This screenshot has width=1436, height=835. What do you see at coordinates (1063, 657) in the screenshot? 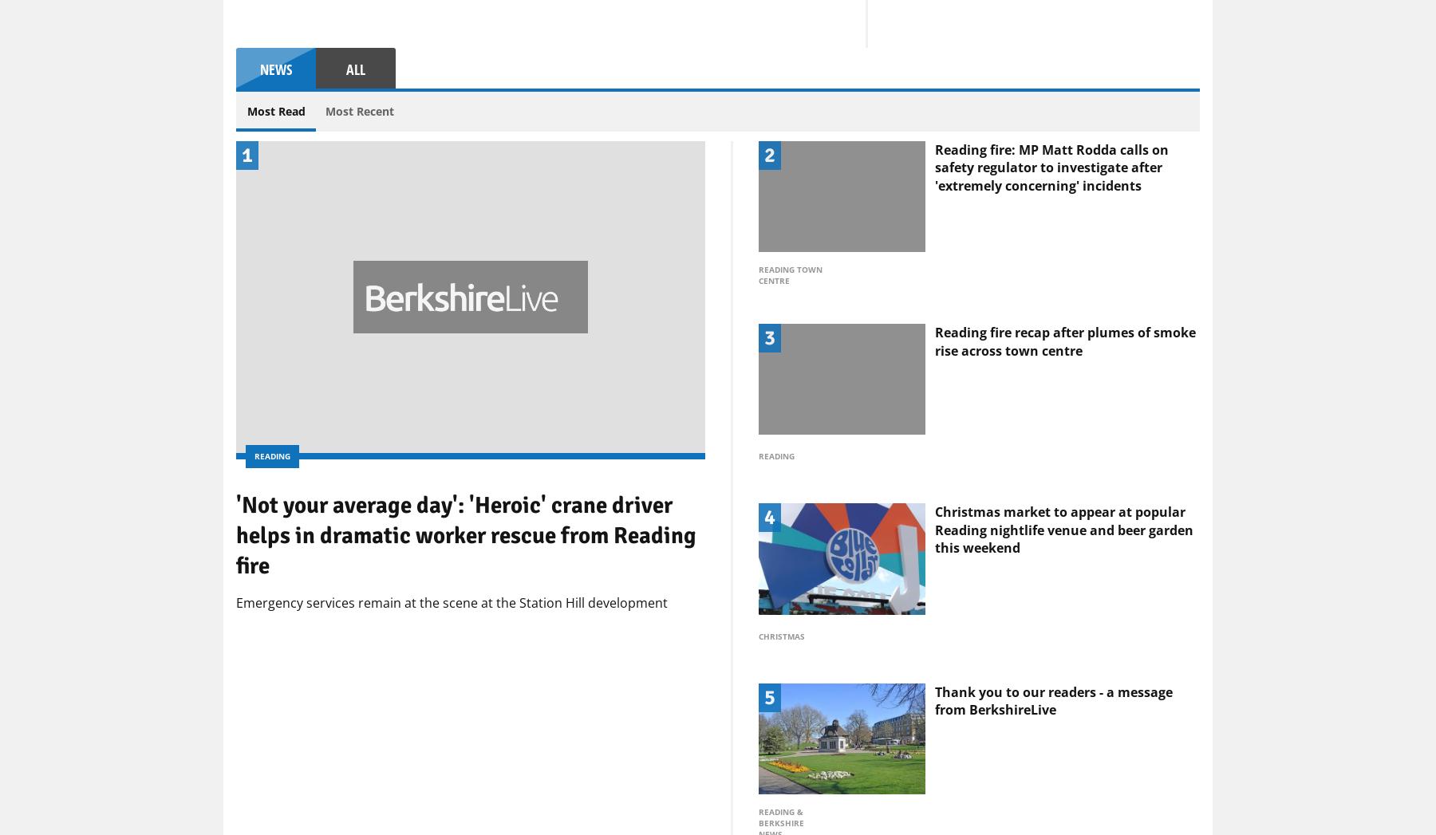
I see `'Christmas market to appear at popular Reading nightlife venue and beer garden this weekend'` at bounding box center [1063, 657].